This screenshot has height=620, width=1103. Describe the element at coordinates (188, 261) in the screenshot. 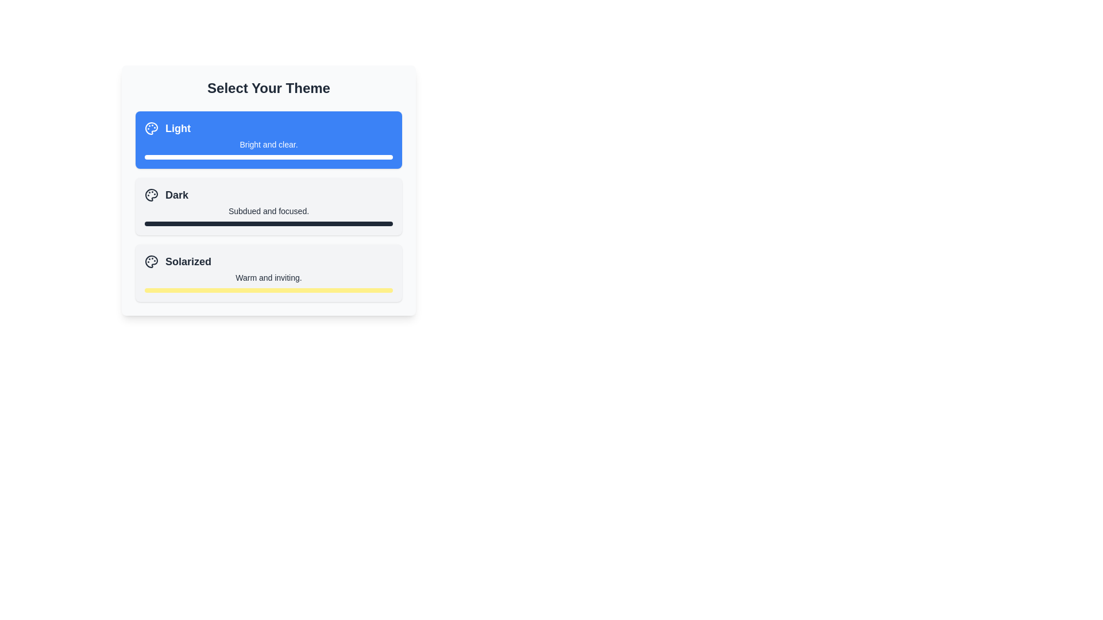

I see `the label identifying the third theme option located in the third horizontal section under 'Select Your Theme', which is aligned with an icon to its left and above descriptive text` at that location.